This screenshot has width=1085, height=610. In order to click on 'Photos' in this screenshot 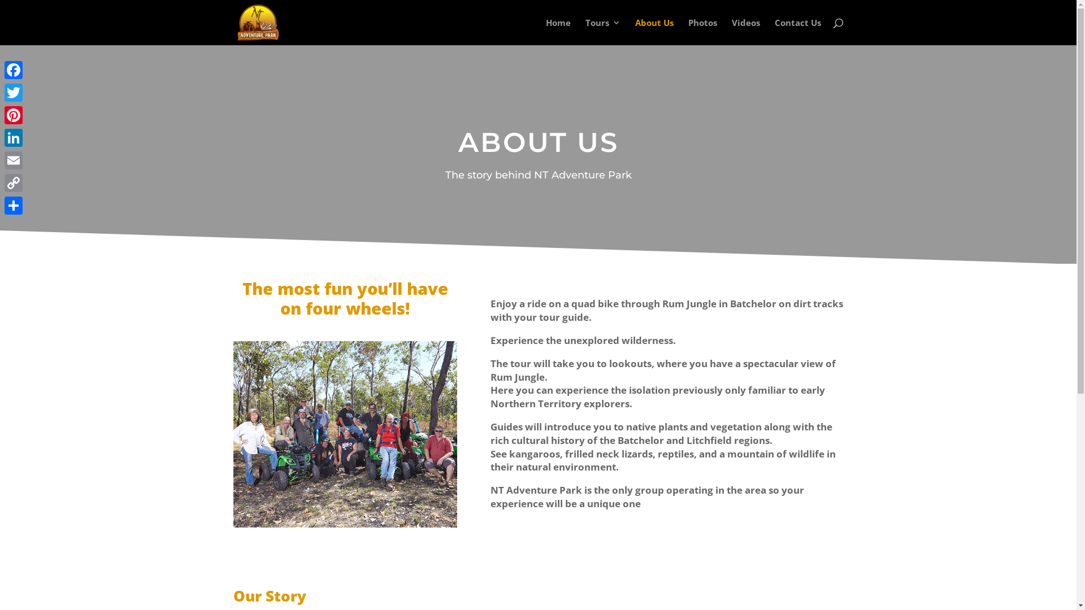, I will do `click(702, 31)`.